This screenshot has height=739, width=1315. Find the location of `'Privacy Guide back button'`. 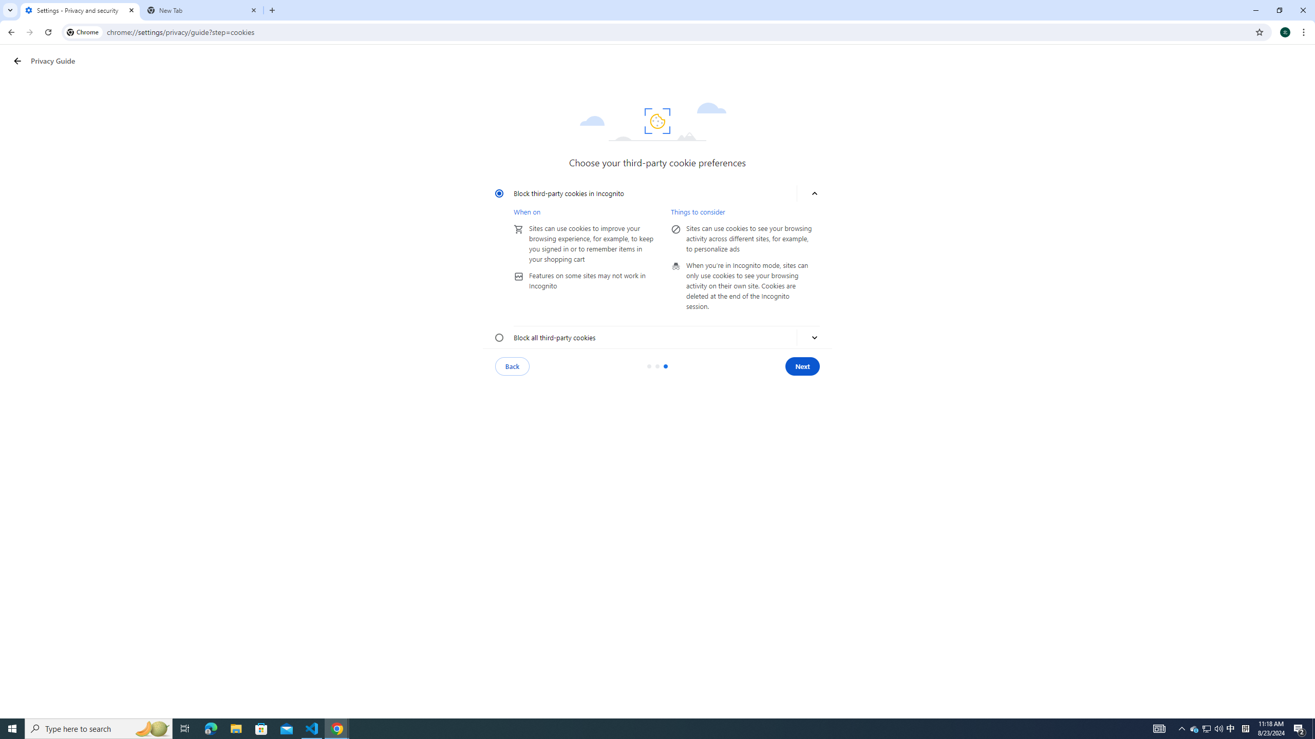

'Privacy Guide back button' is located at coordinates (17, 61).